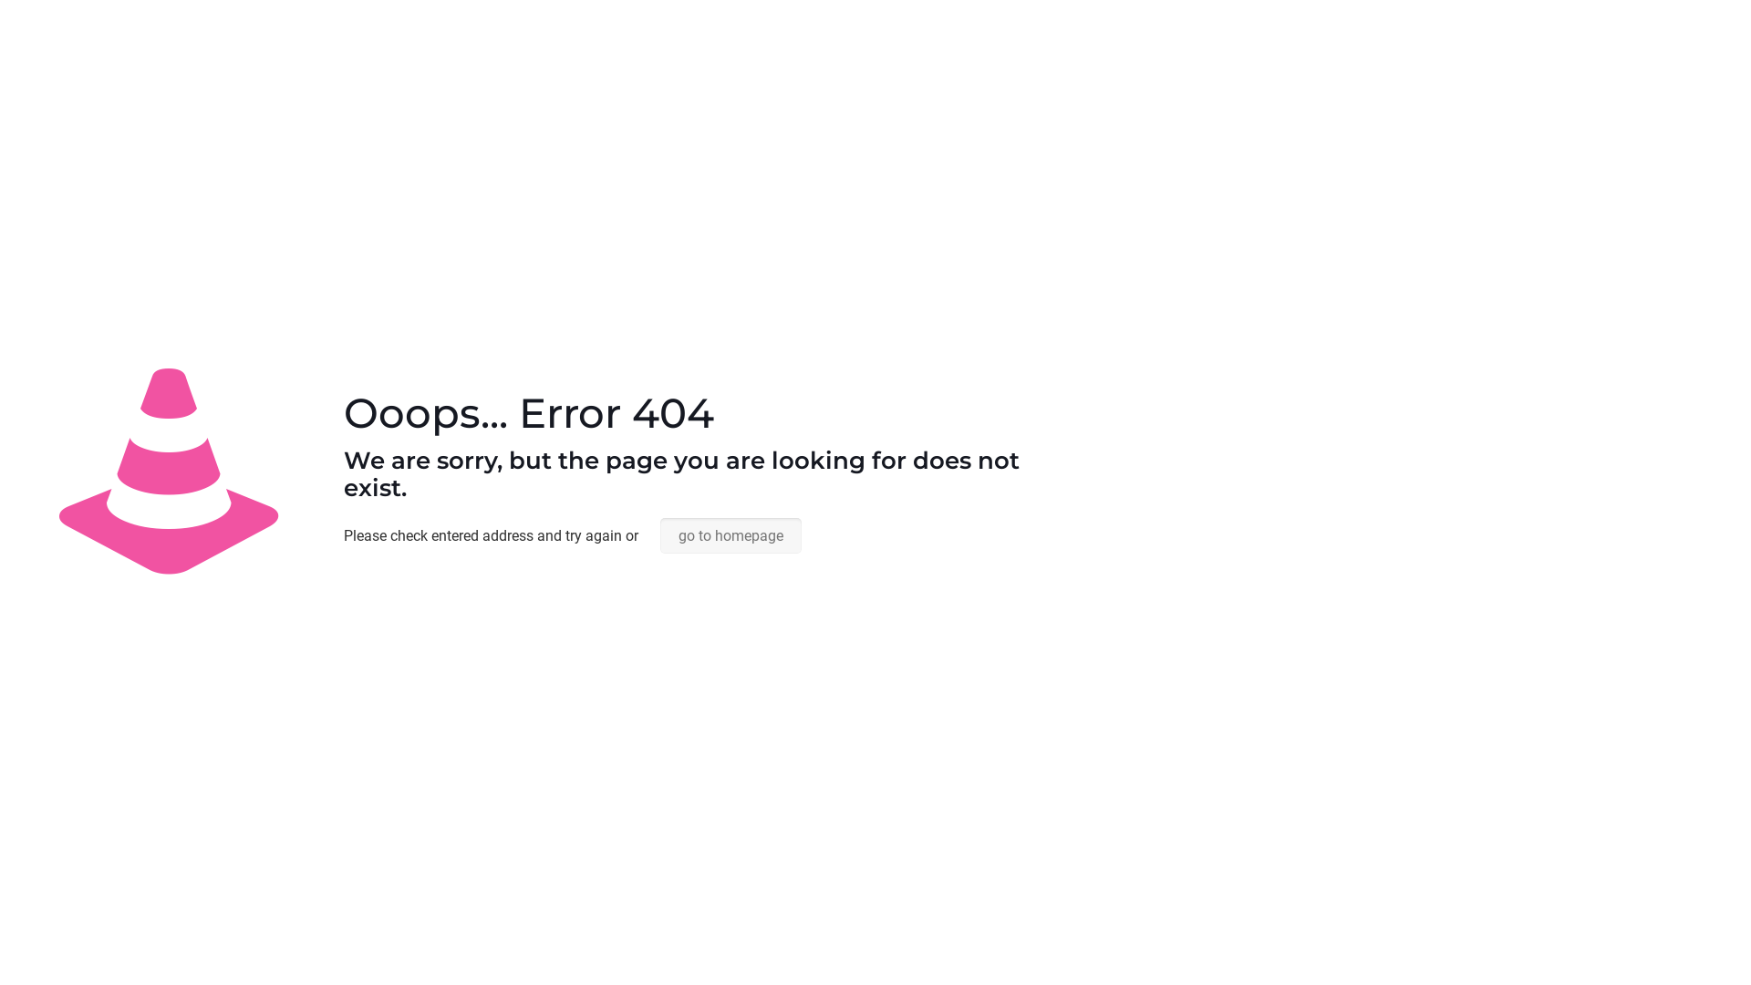  What do you see at coordinates (659, 534) in the screenshot?
I see `'go to homepage'` at bounding box center [659, 534].